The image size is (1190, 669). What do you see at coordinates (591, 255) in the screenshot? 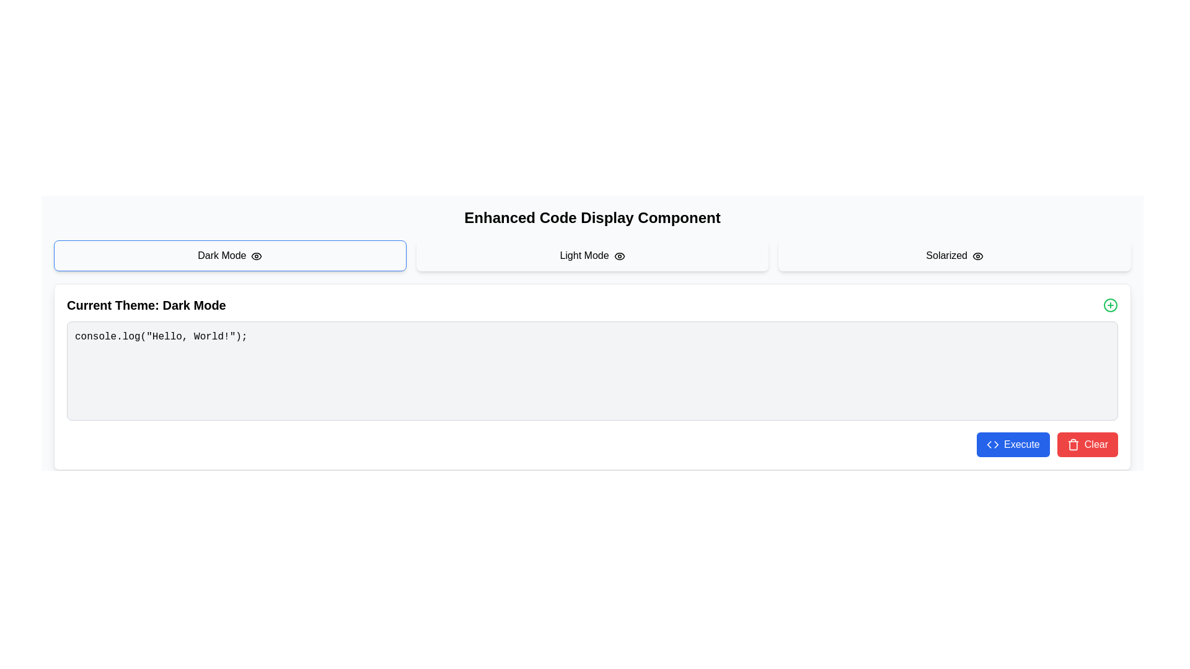
I see `the 'Light Mode' button, which is the second button in the group of mode toggles beneath the title 'Enhanced Code Display Component'` at bounding box center [591, 255].